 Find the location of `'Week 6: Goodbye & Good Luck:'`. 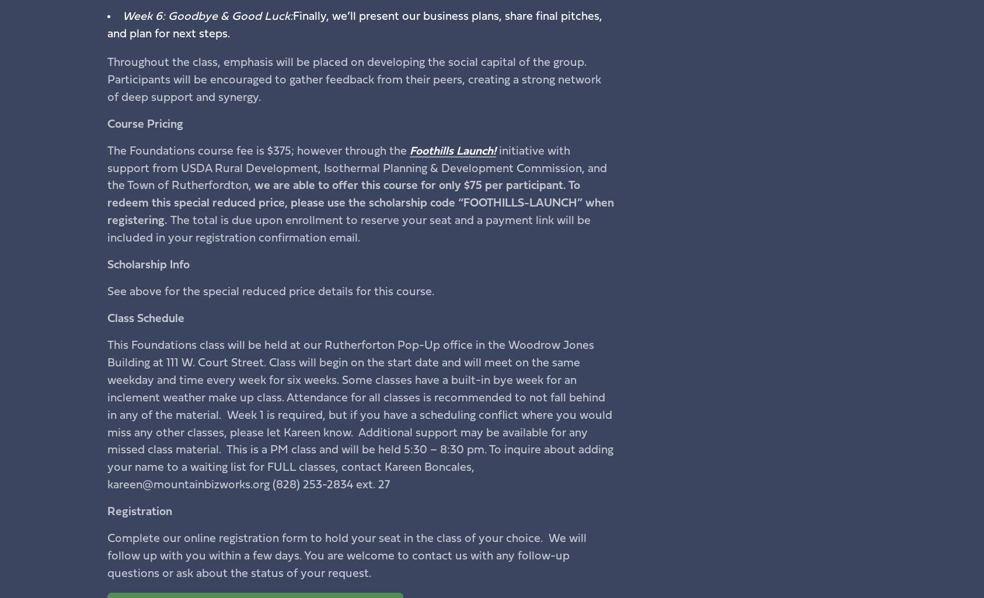

'Week 6: Goodbye & Good Luck:' is located at coordinates (207, 17).